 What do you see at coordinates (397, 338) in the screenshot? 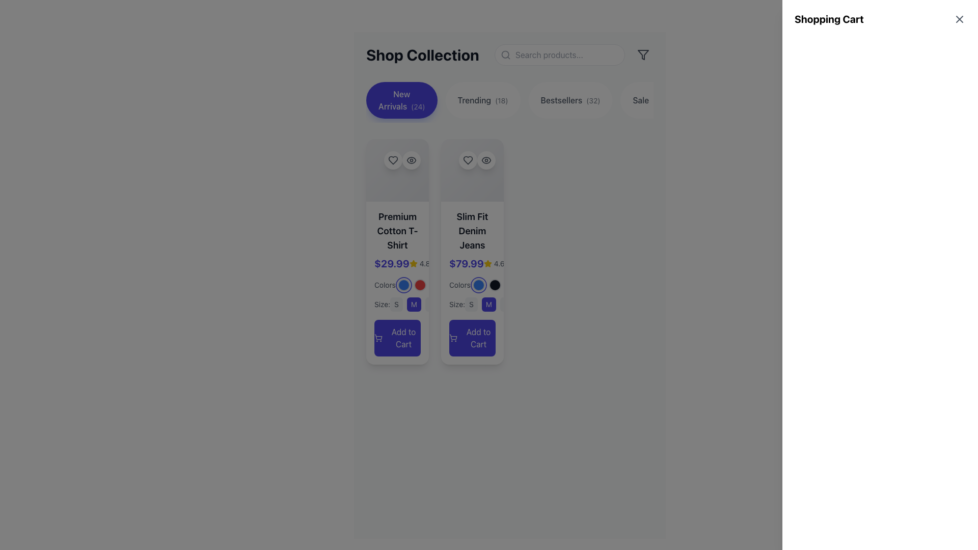
I see `the 'Add to Cart' button located below the 'Size' section in the 'Premium Cotton T-Shirt' card` at bounding box center [397, 338].